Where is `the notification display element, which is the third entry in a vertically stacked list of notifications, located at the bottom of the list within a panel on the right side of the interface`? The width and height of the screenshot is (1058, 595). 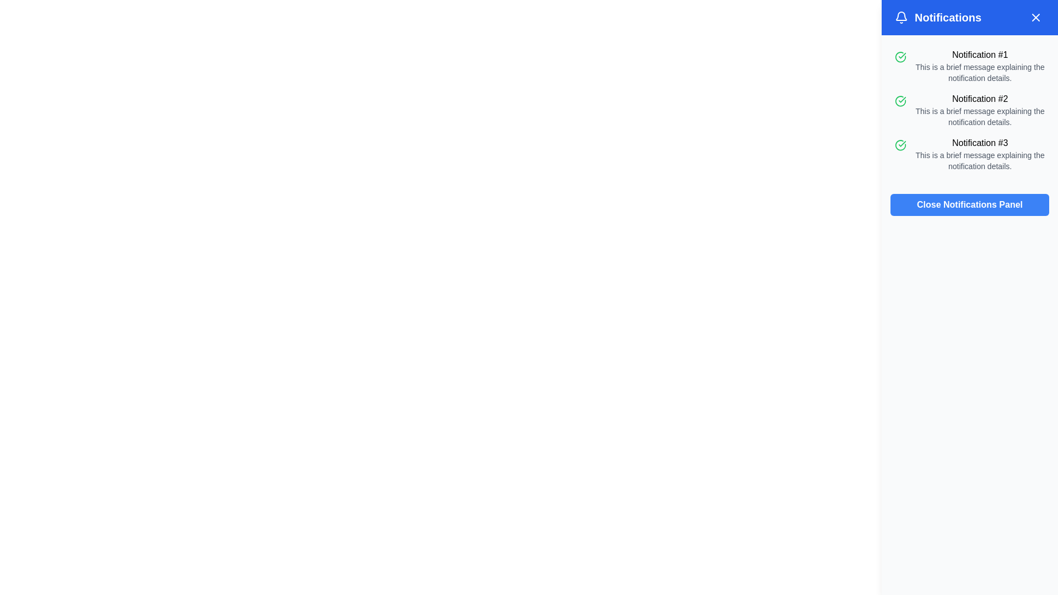 the notification display element, which is the third entry in a vertically stacked list of notifications, located at the bottom of the list within a panel on the right side of the interface is located at coordinates (970, 154).